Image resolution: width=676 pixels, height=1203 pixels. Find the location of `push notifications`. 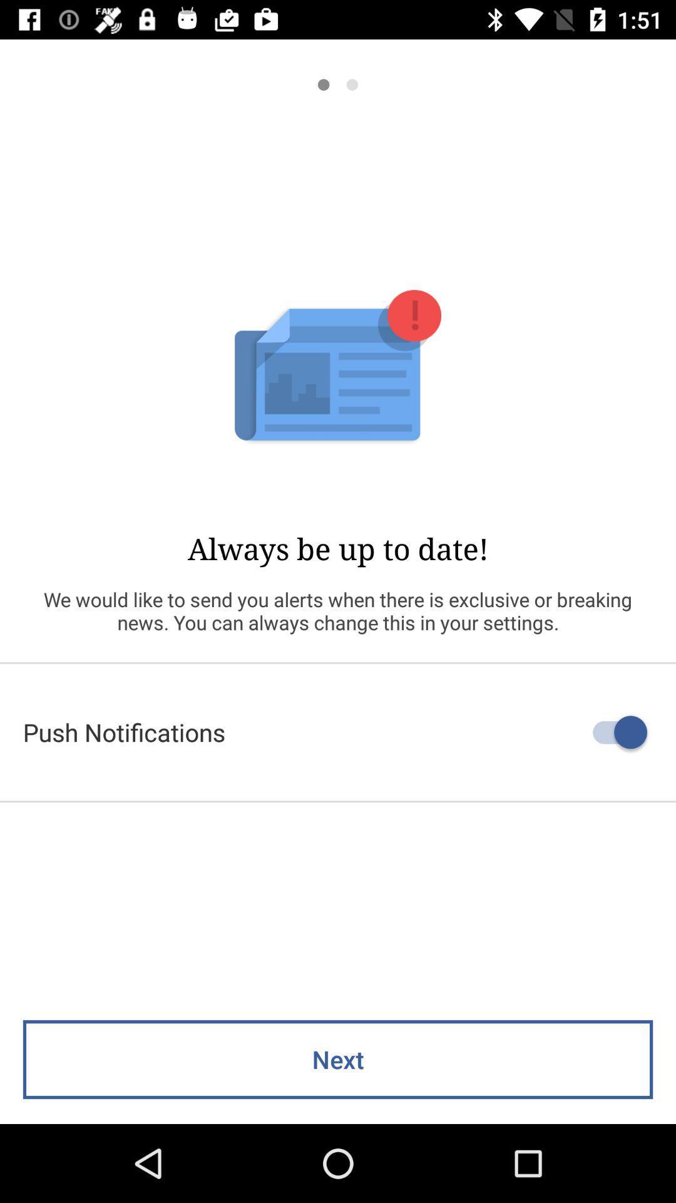

push notifications is located at coordinates (338, 732).